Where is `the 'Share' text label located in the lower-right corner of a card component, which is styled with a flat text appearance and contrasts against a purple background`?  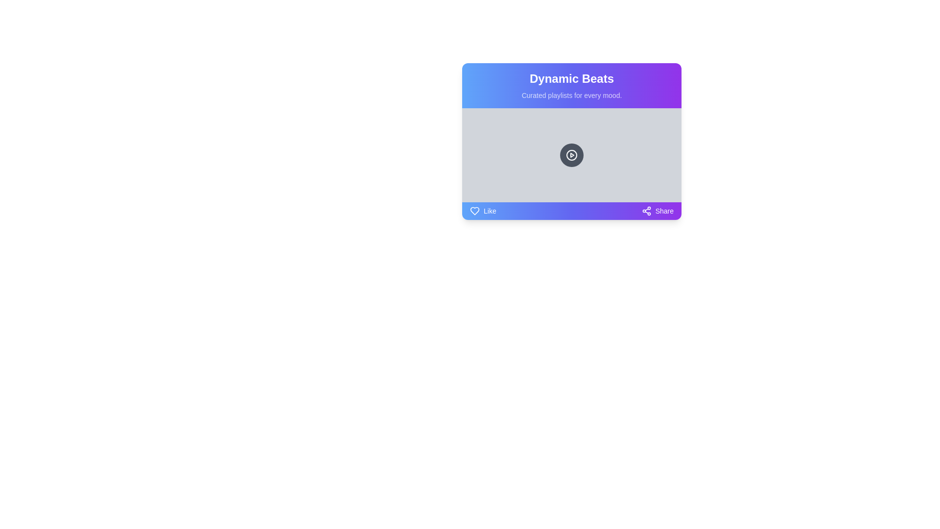
the 'Share' text label located in the lower-right corner of a card component, which is styled with a flat text appearance and contrasts against a purple background is located at coordinates (664, 211).